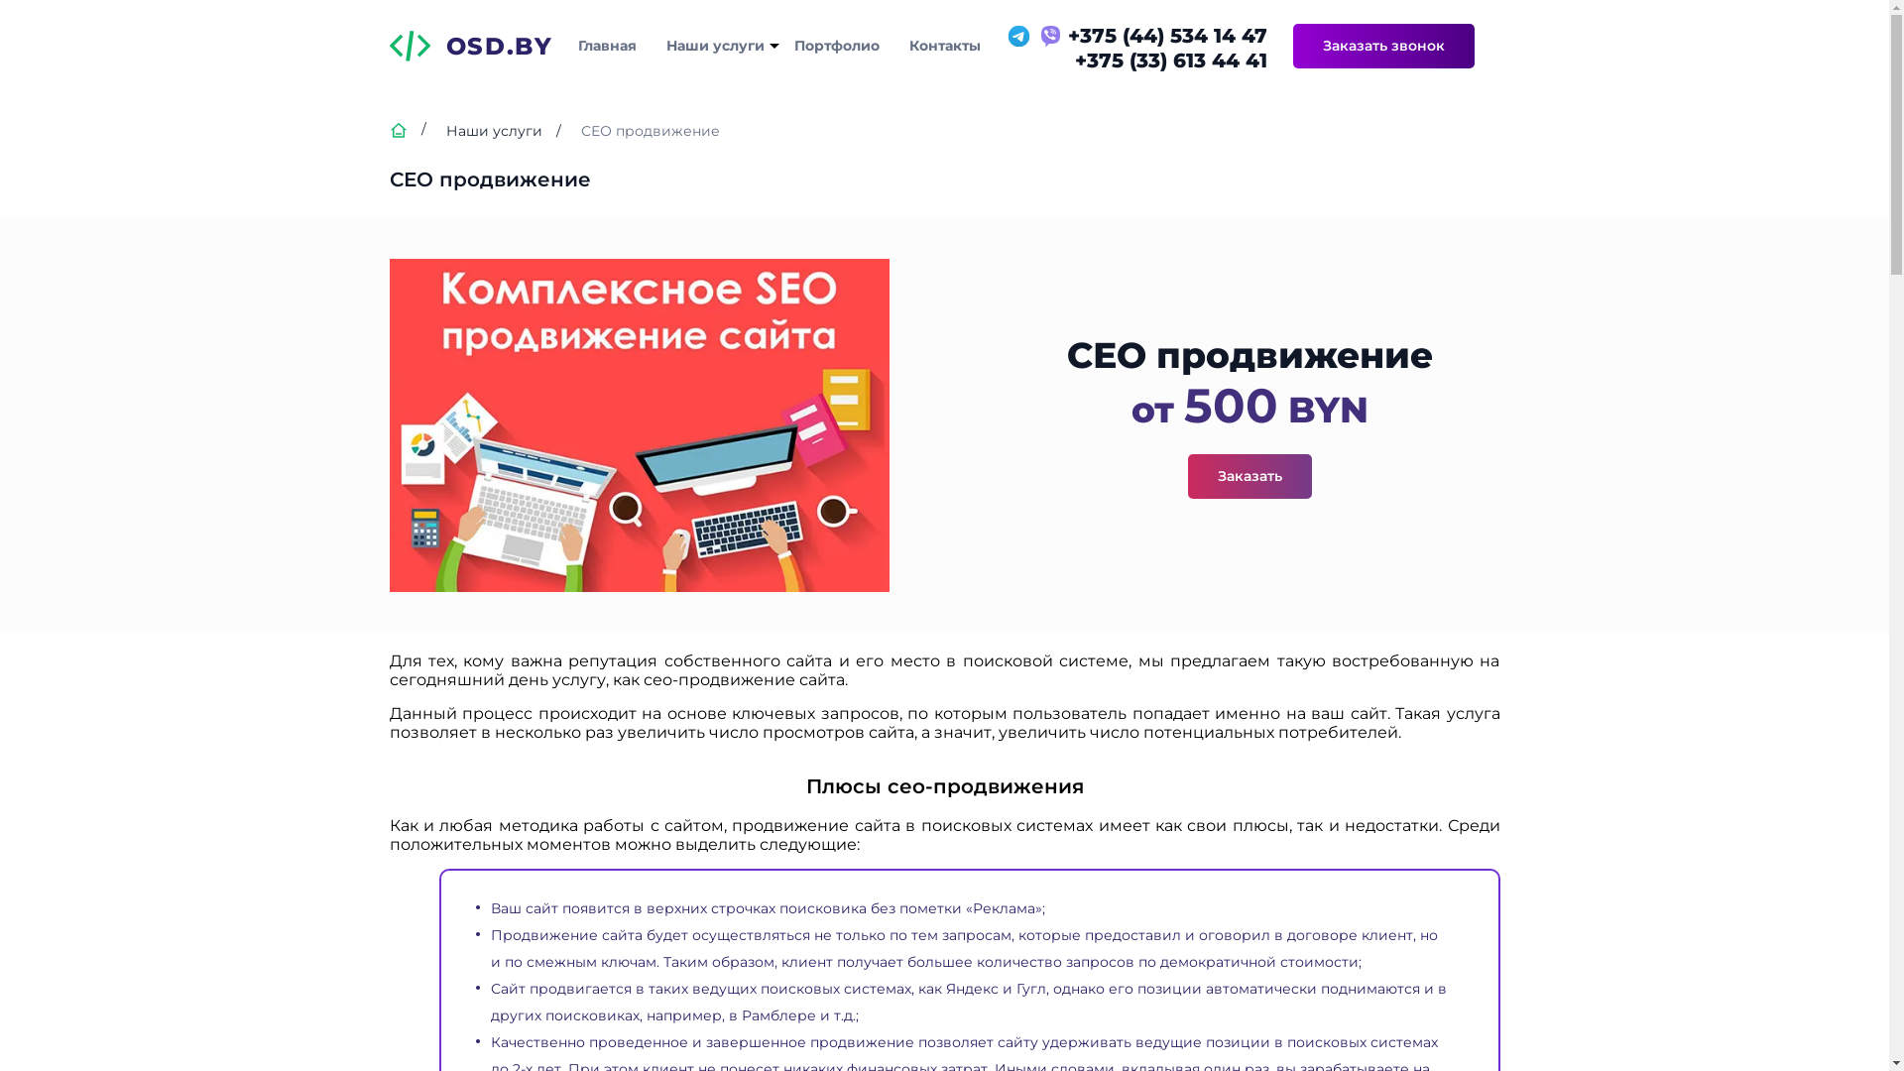 This screenshot has width=1904, height=1071. Describe the element at coordinates (469, 45) in the screenshot. I see `'OSD.BY'` at that location.